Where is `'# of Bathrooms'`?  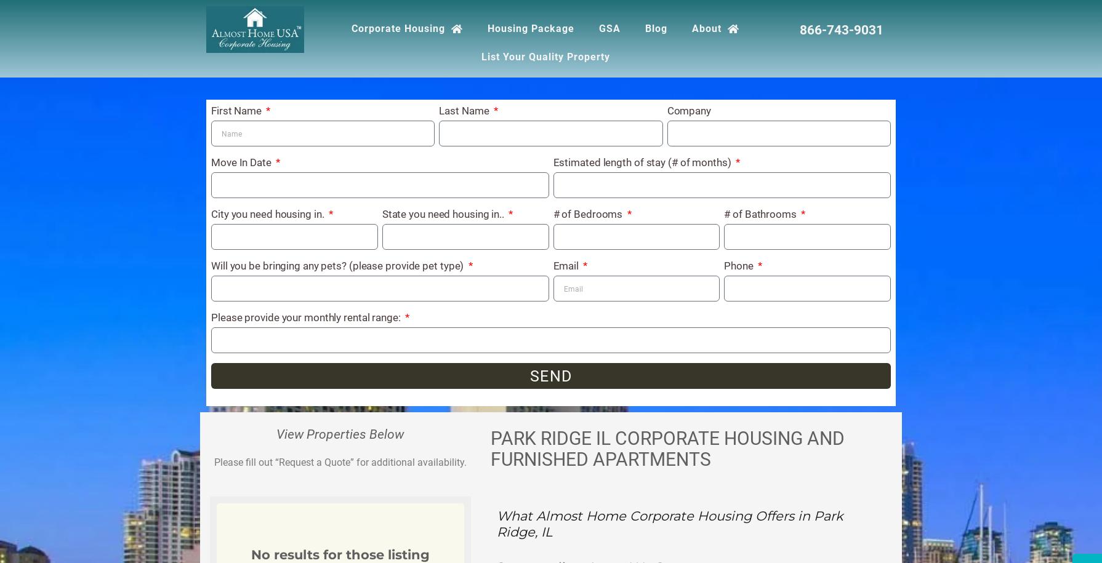
'# of Bathrooms' is located at coordinates (761, 214).